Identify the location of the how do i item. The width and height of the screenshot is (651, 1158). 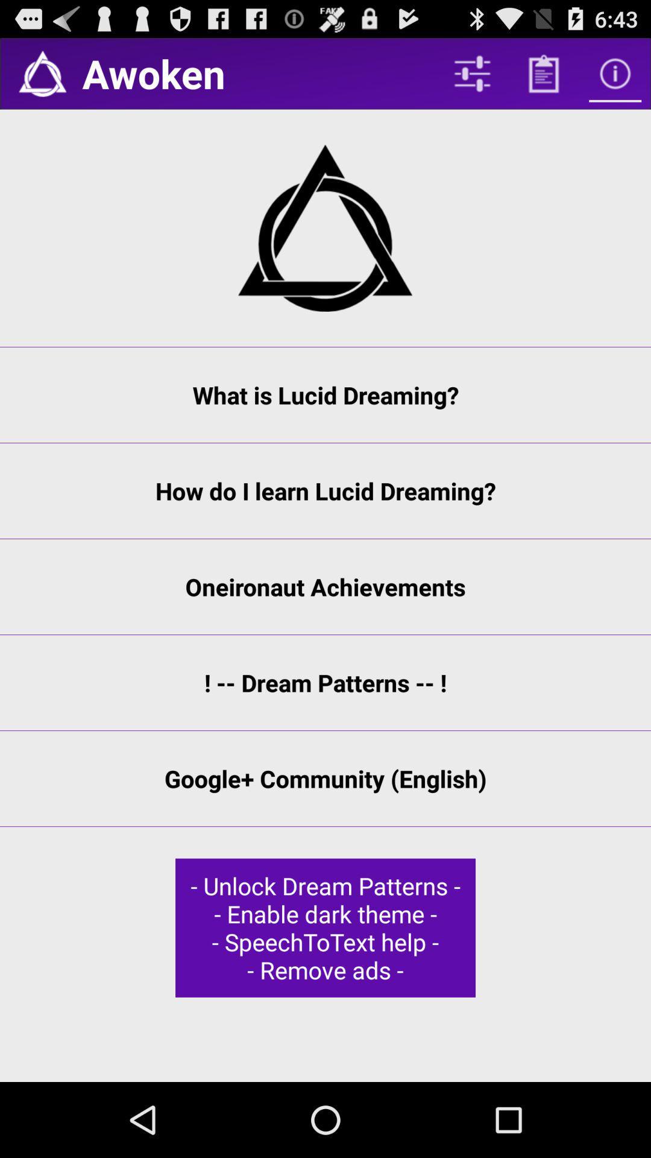
(325, 491).